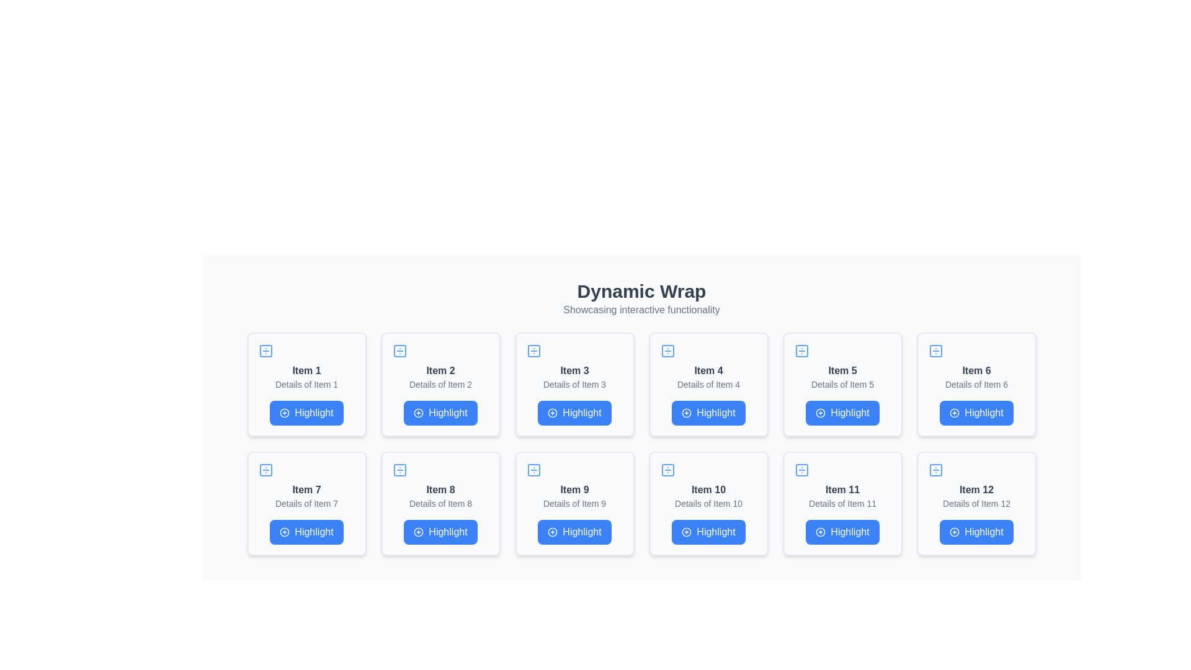 The width and height of the screenshot is (1191, 670). What do you see at coordinates (552, 413) in the screenshot?
I see `the icon representing a circle with a plus sign in its center, which is located inside the 'Highlight' button for 'Item 3'` at bounding box center [552, 413].